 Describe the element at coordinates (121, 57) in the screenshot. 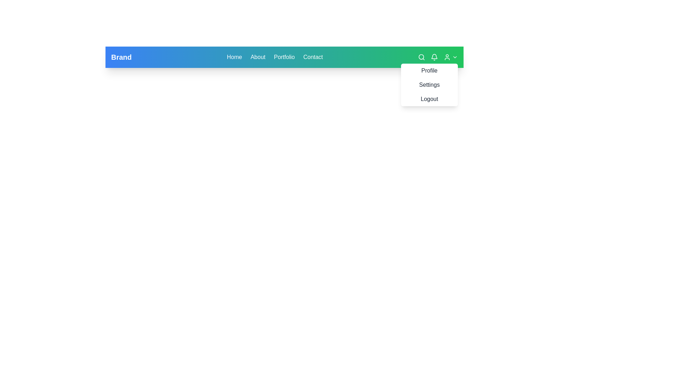

I see `the 'Brand' static text element, which is styled prominently in white against a vibrant blue gradient background and is located at the leftmost position of the horizontal navigation bar` at that location.